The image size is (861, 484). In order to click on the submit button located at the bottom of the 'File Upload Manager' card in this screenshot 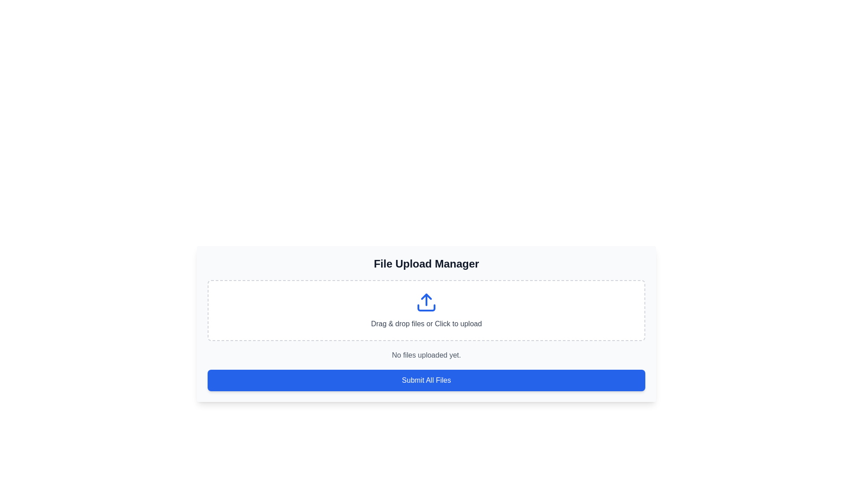, I will do `click(426, 380)`.